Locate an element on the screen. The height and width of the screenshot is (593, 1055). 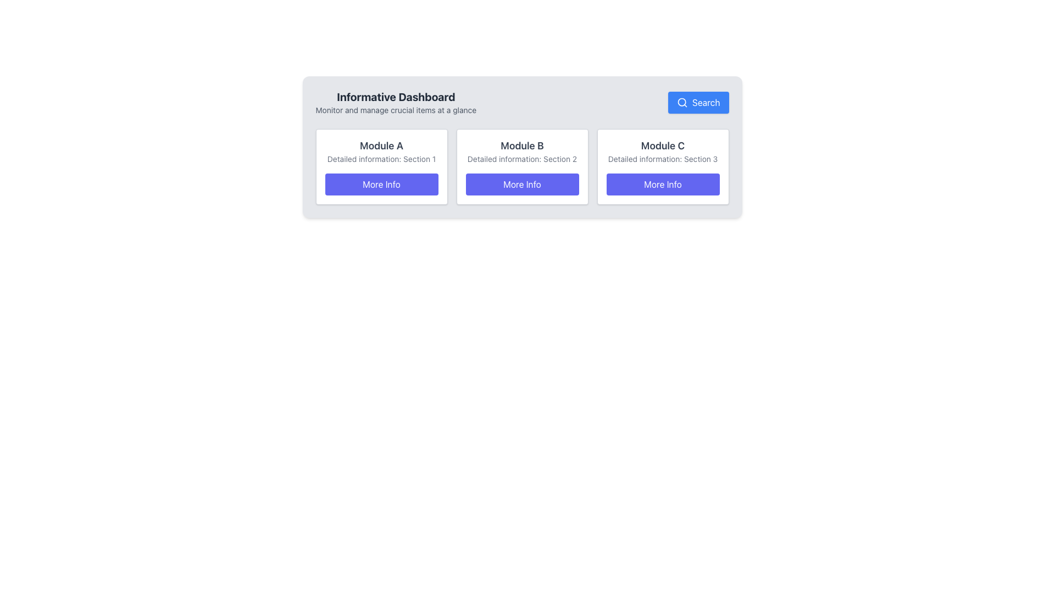
the 'More Info' button with a vibrant indigo background and white text located at the bottom of the 'Module C' card is located at coordinates (662, 183).